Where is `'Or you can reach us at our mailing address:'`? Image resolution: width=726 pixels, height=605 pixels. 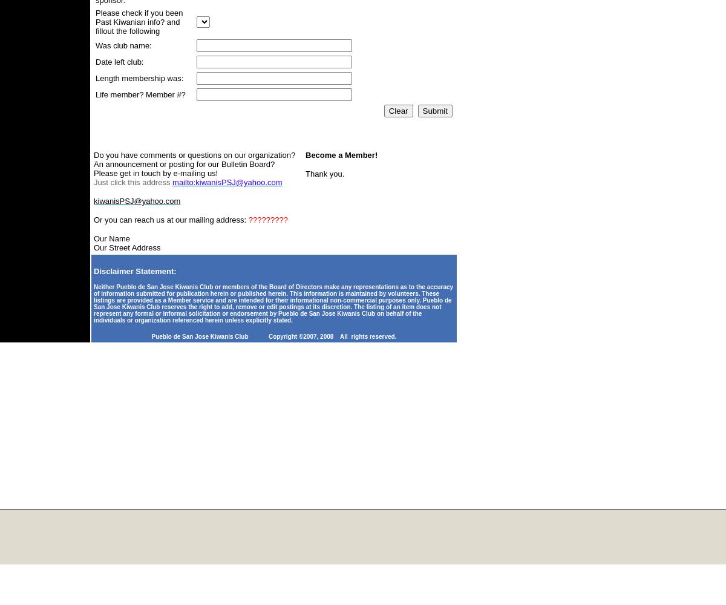
'Or you can reach us at our mailing address:' is located at coordinates (93, 219).